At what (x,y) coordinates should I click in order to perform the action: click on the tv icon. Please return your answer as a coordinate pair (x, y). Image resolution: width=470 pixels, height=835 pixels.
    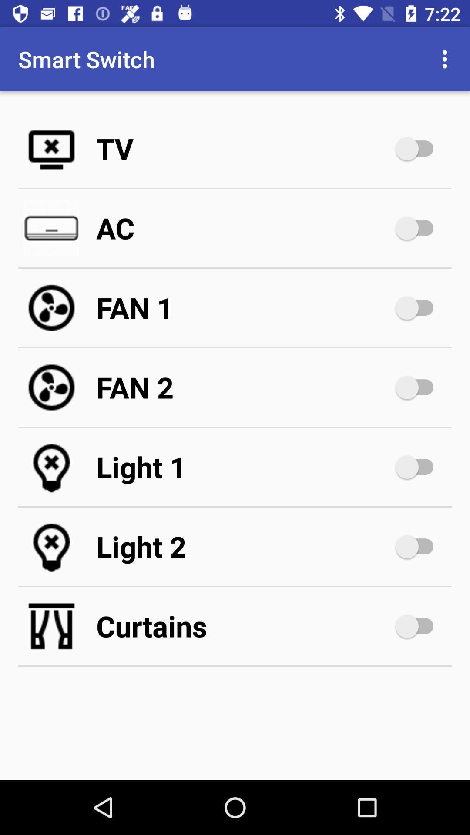
    Looking at the image, I should click on (244, 148).